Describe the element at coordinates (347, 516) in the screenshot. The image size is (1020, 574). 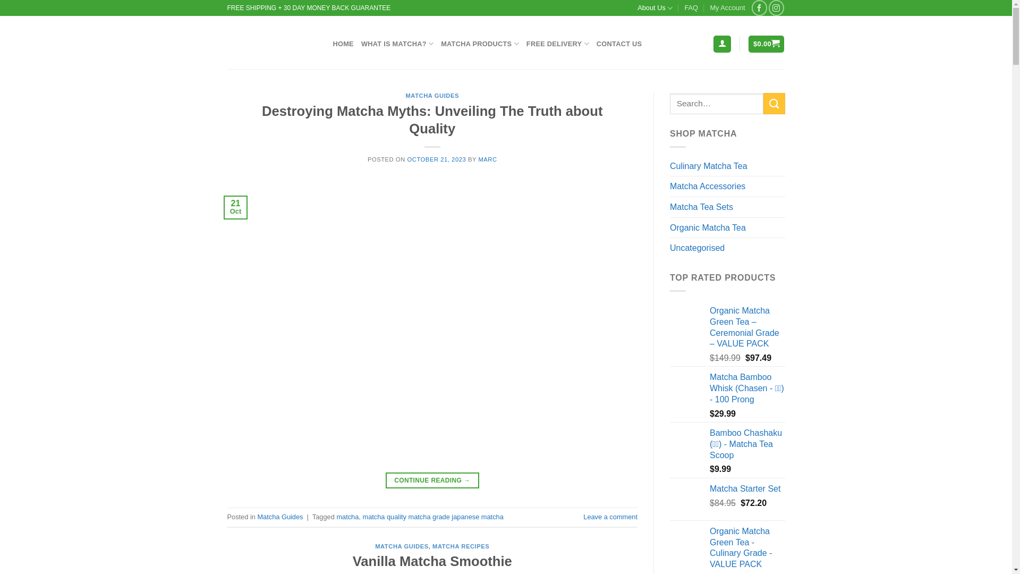
I see `'matcha'` at that location.